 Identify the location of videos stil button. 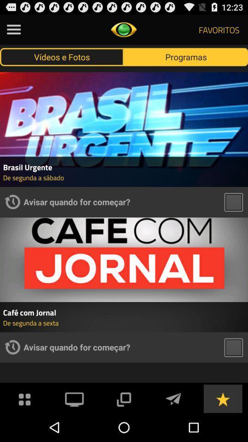
(233, 202).